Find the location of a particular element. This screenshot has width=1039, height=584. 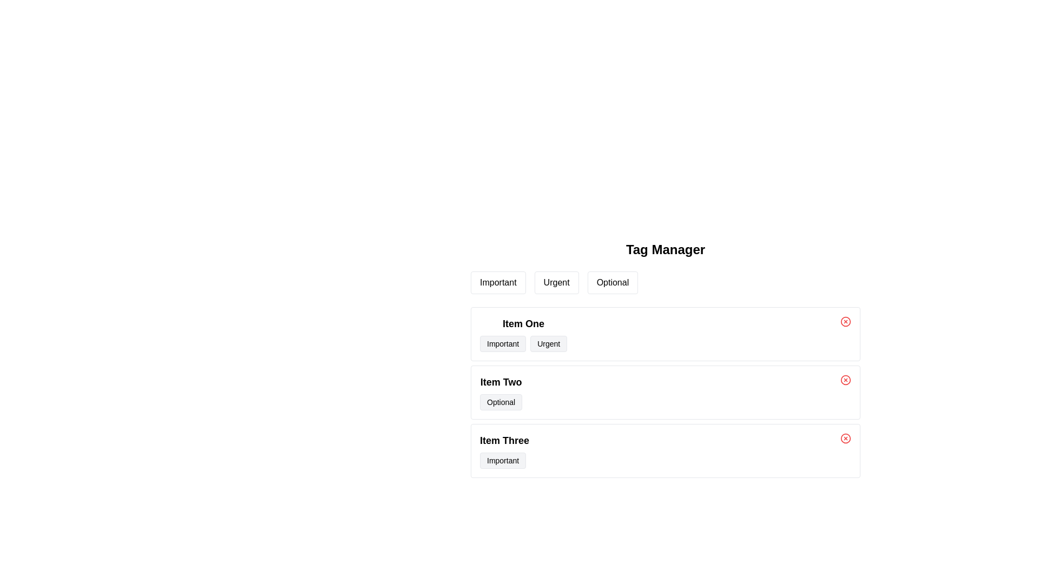

the label or tag element that is positioned under 'Item Three', serving as an indicator for the associated task is located at coordinates (502, 461).